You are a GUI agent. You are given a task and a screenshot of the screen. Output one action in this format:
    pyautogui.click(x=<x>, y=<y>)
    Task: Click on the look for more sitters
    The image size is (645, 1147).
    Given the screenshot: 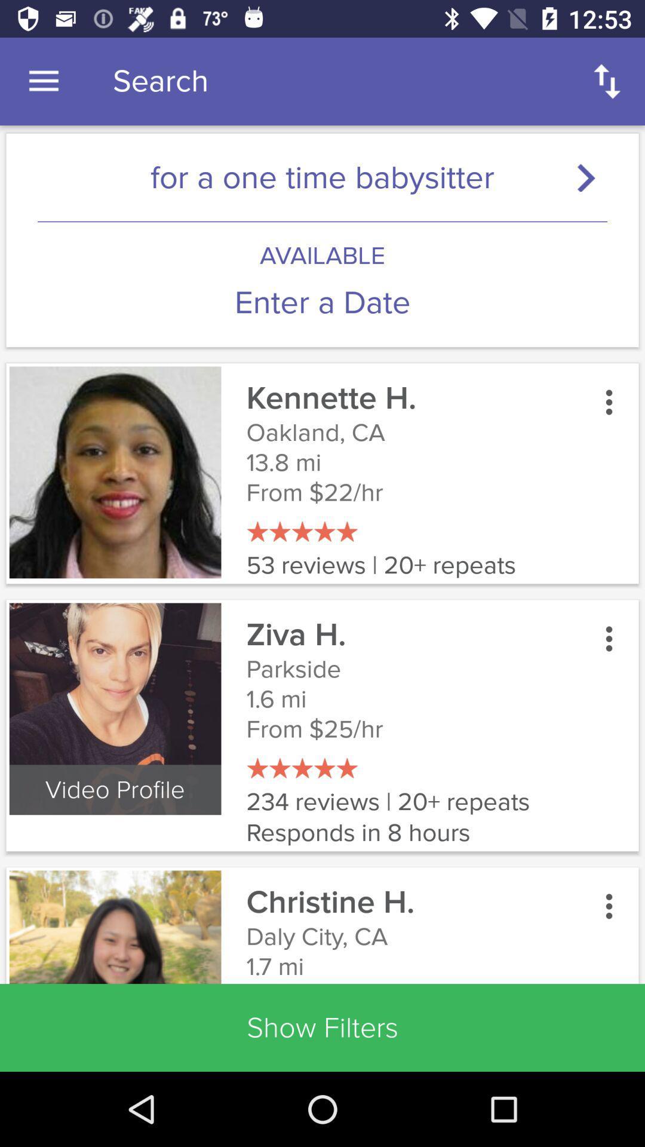 What is the action you would take?
    pyautogui.click(x=591, y=177)
    